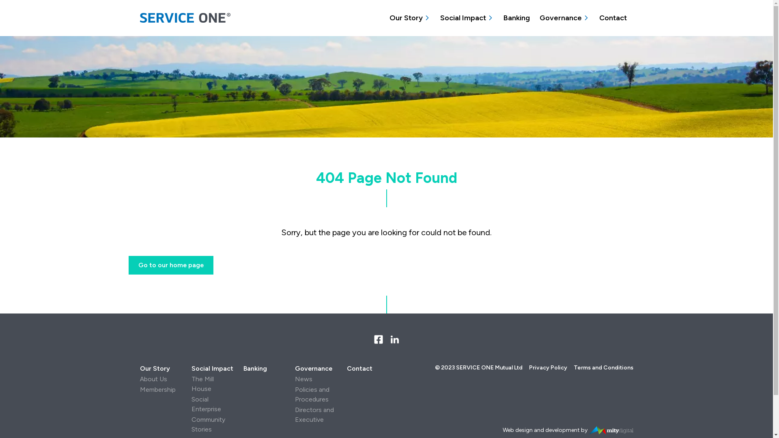  What do you see at coordinates (153, 379) in the screenshot?
I see `'About Us'` at bounding box center [153, 379].